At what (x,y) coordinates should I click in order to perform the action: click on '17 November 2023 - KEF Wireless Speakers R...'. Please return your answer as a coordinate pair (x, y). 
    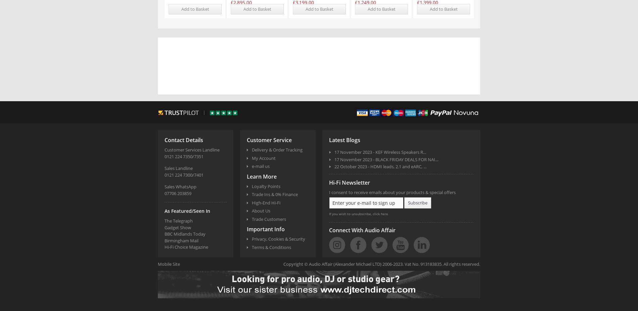
    Looking at the image, I should click on (334, 152).